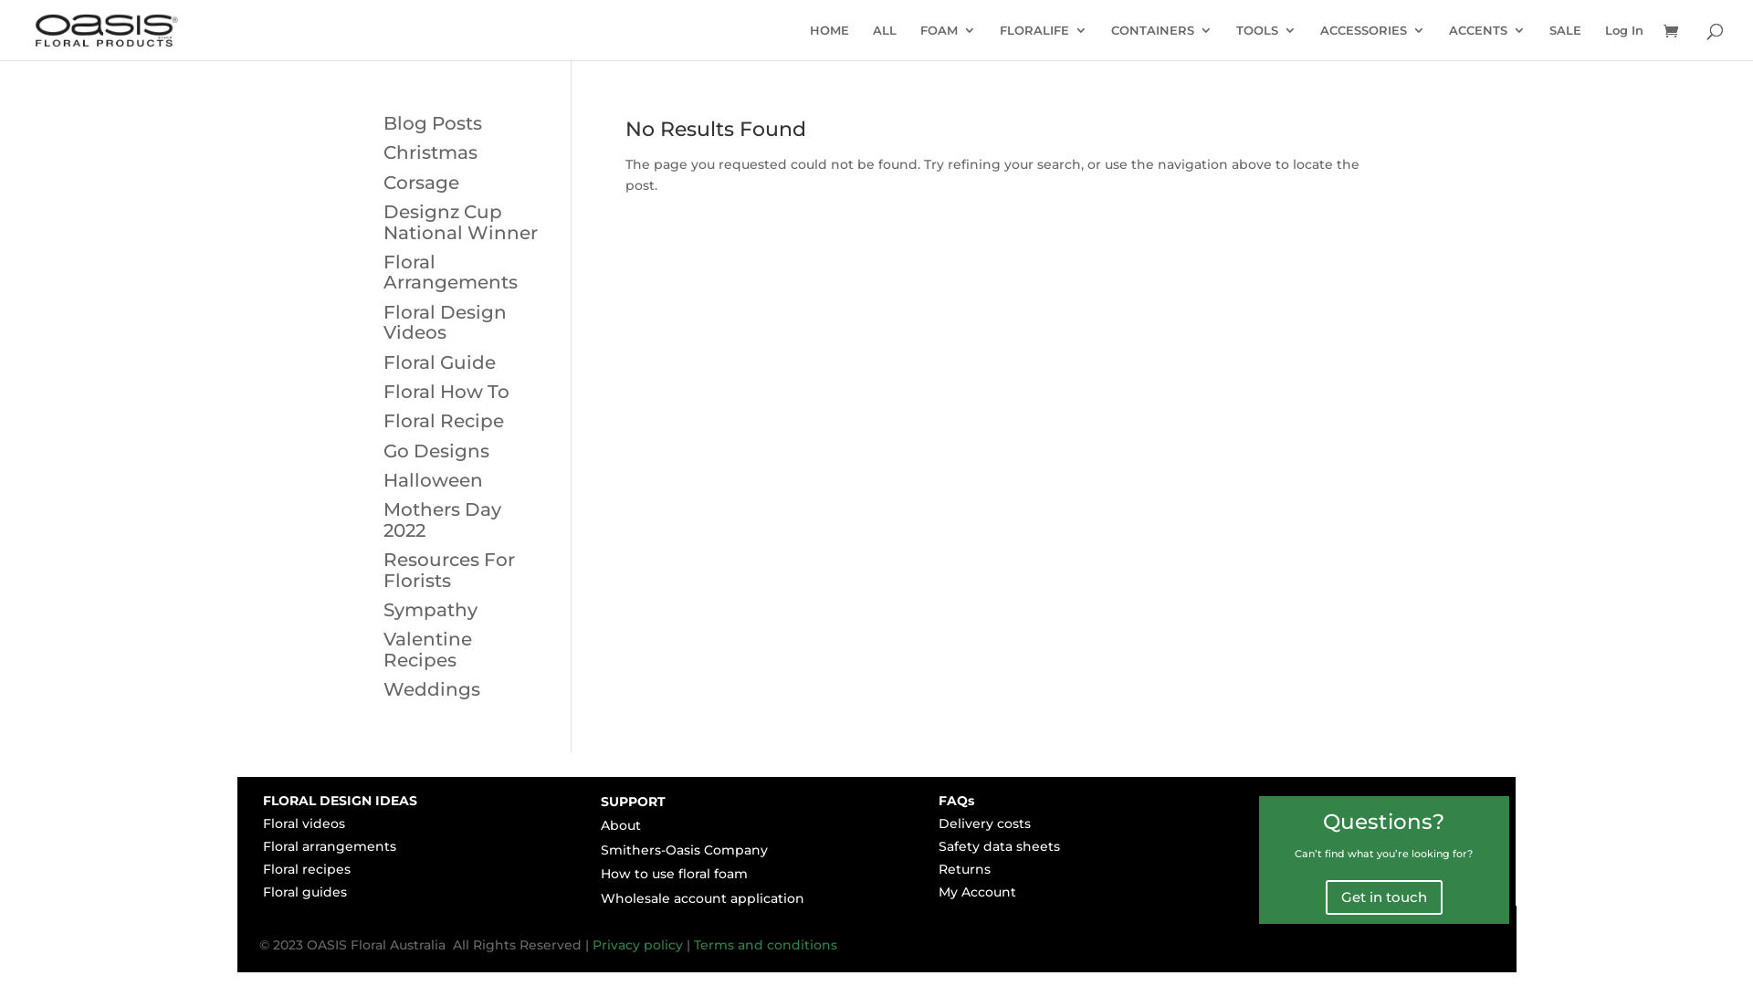 The width and height of the screenshot is (1753, 986). What do you see at coordinates (432, 123) in the screenshot?
I see `'Blog Posts'` at bounding box center [432, 123].